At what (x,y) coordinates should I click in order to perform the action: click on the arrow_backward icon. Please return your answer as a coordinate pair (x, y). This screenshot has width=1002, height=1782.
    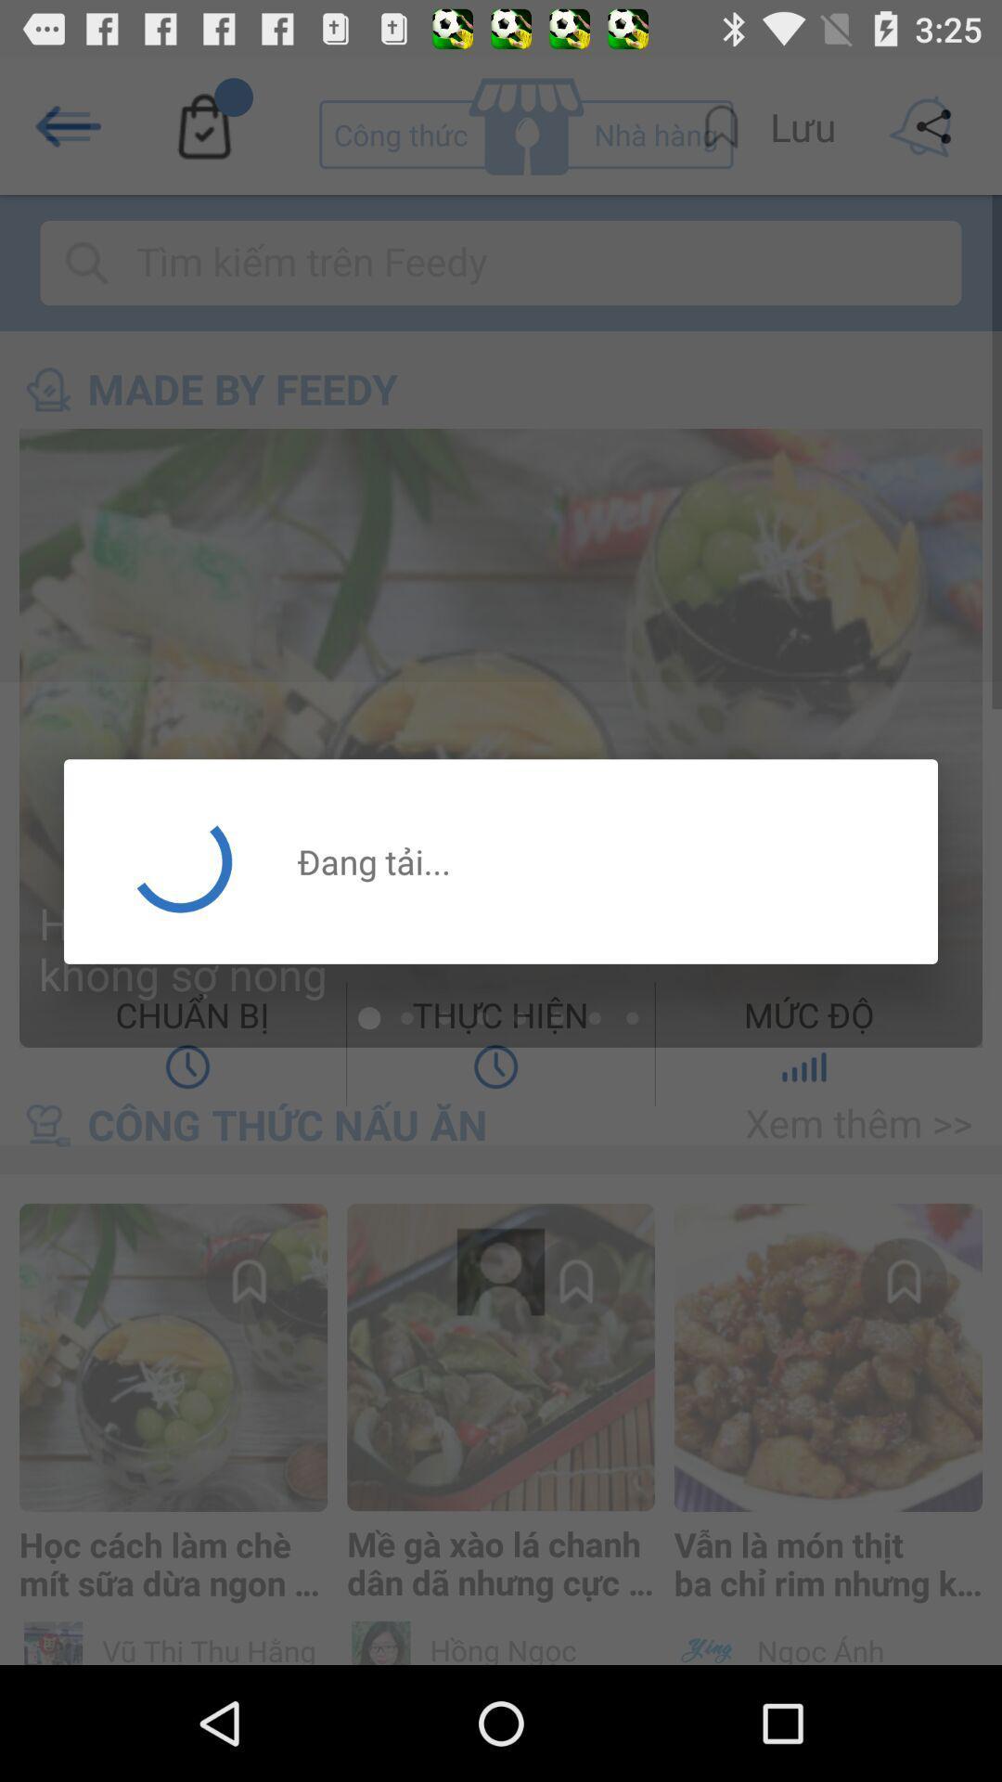
    Looking at the image, I should click on (67, 125).